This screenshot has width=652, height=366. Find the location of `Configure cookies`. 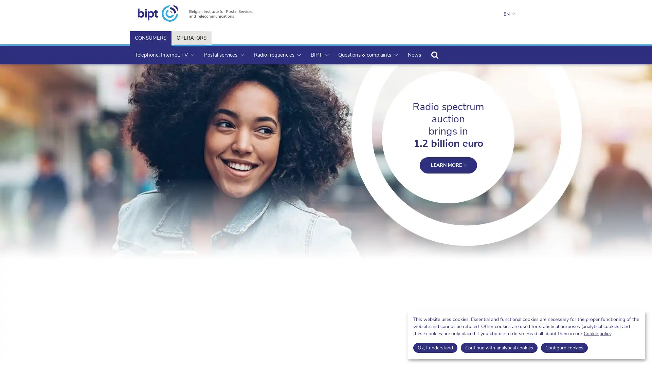

Configure cookies is located at coordinates (564, 348).